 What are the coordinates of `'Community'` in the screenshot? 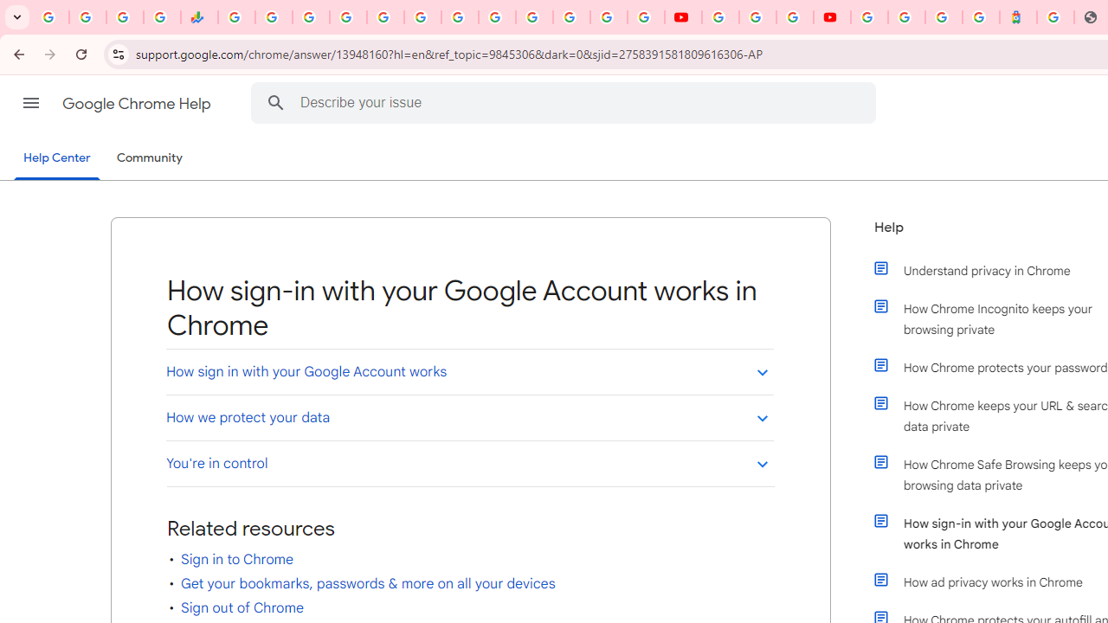 It's located at (149, 158).